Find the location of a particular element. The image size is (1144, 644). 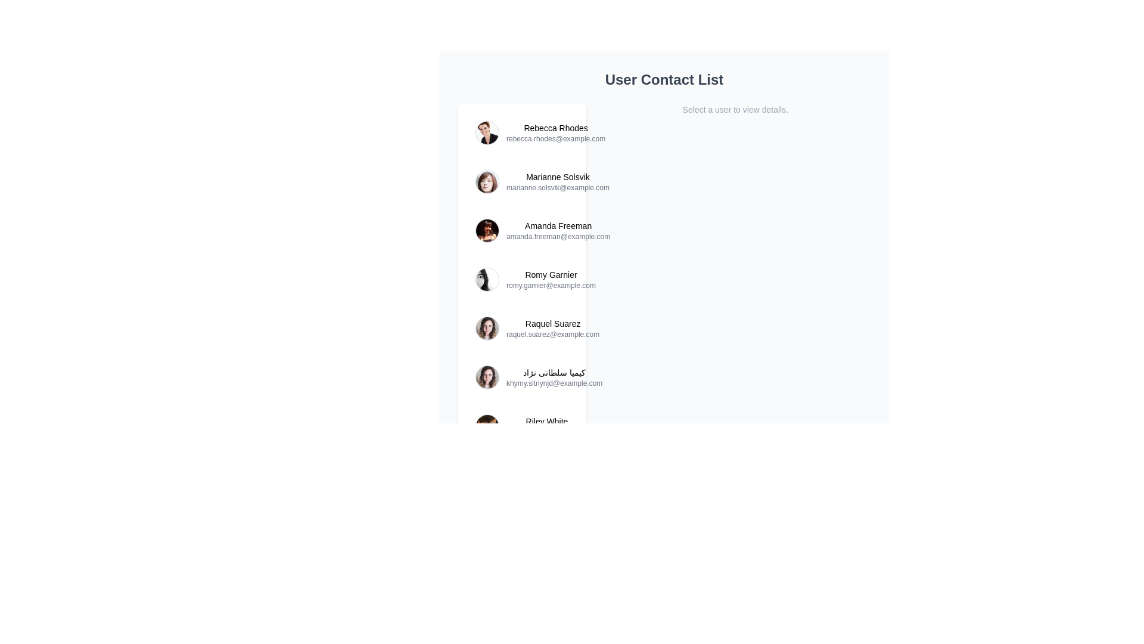

the circular user profile image with a thin gray border displaying a portrait of Rebecca Rhodes is located at coordinates (487, 133).